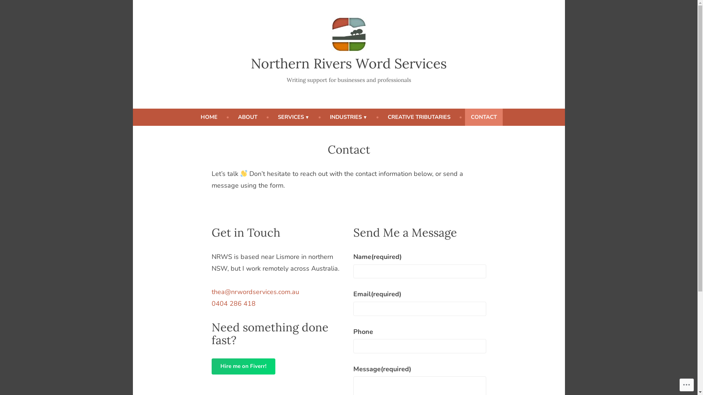 This screenshot has height=395, width=703. Describe the element at coordinates (293, 117) in the screenshot. I see `'SERVICES'` at that location.